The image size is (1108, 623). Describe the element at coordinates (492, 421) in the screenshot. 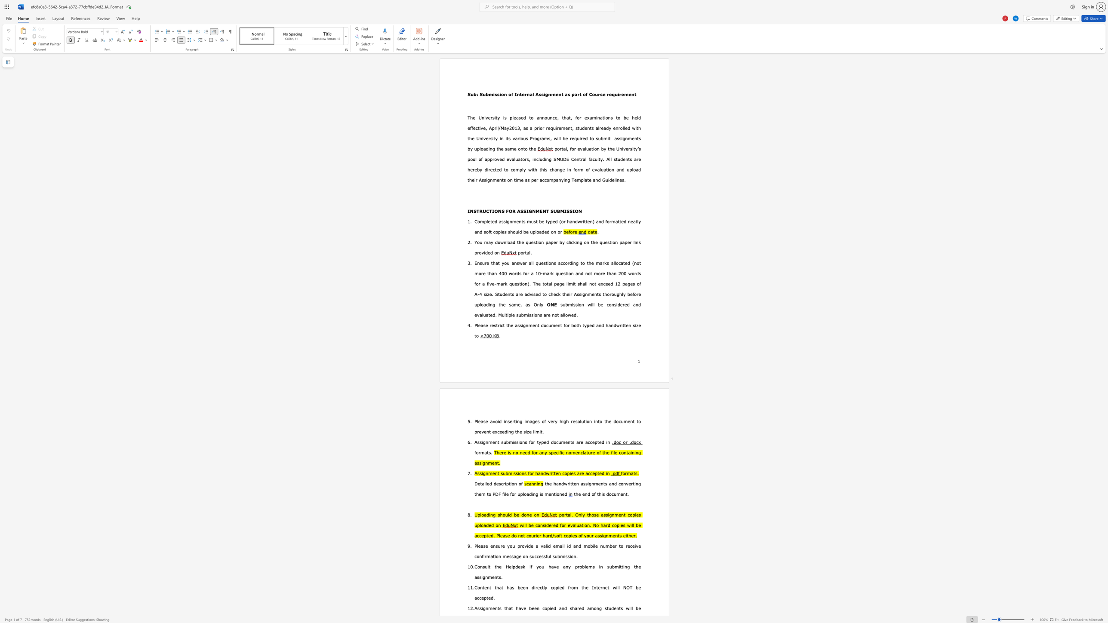

I see `the subset text "void insert" within the text "Please avoid inserting images of"` at that location.